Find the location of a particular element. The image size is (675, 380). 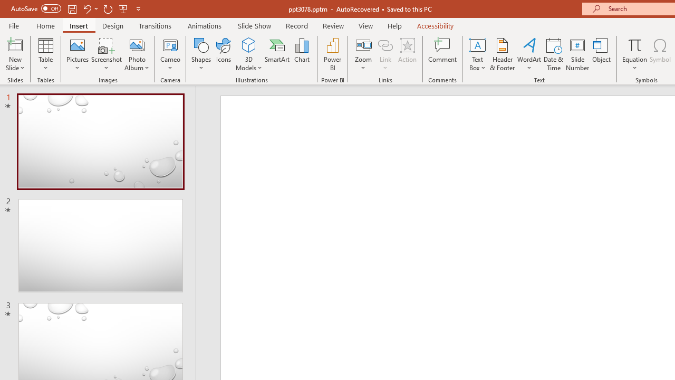

'Symbol...' is located at coordinates (660, 54).